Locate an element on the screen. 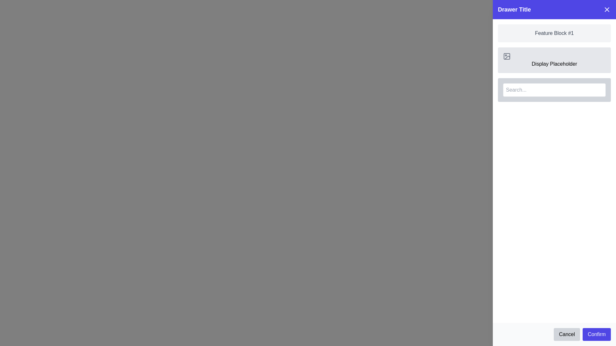 The image size is (616, 346). the 'Drawer Title' text label heading, which is styled in bold with a white font color on a purple background, to focus on it is located at coordinates (514, 10).